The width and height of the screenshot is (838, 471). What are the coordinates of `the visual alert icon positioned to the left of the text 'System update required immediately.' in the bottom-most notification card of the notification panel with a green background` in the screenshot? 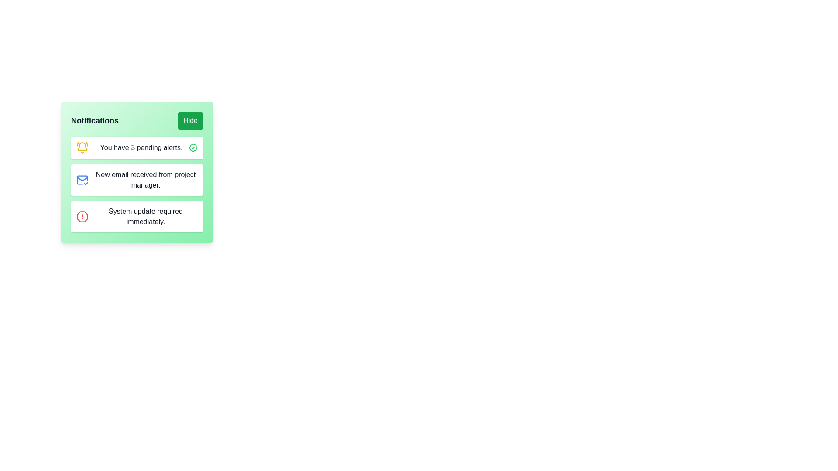 It's located at (82, 216).